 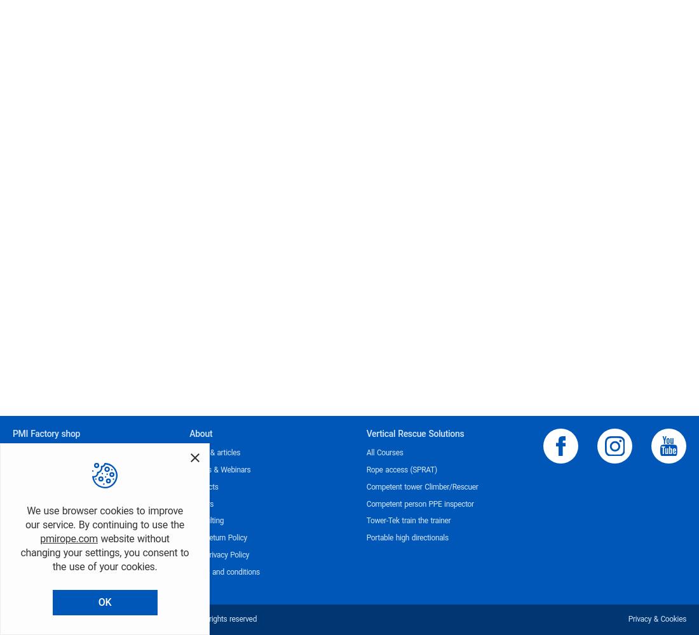 I want to click on 'Patient Care', so click(x=32, y=554).